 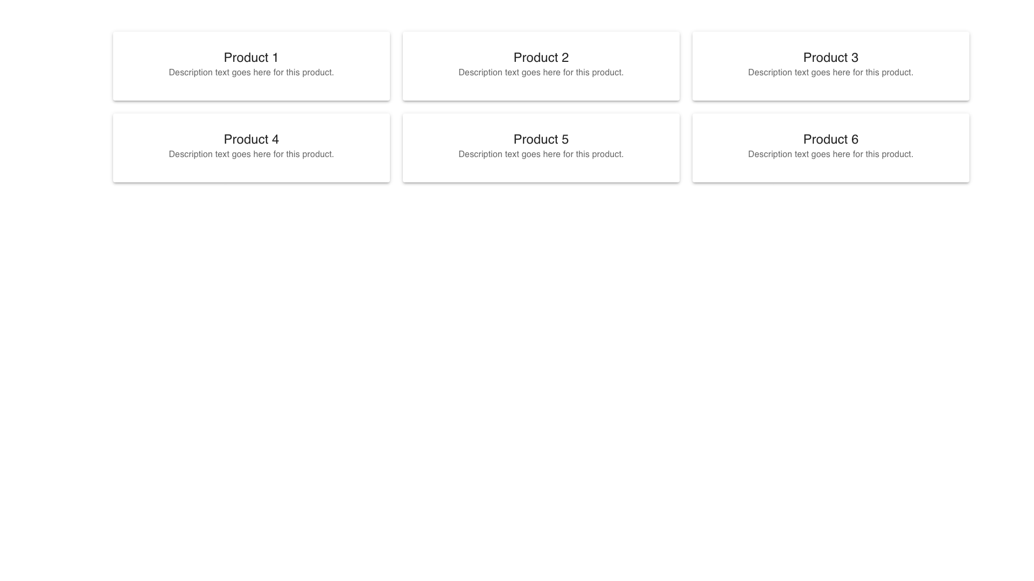 What do you see at coordinates (830, 154) in the screenshot?
I see `text element that contains 'Description text goes here for this product.' located beneath the title 'Product 6' in the card layout` at bounding box center [830, 154].